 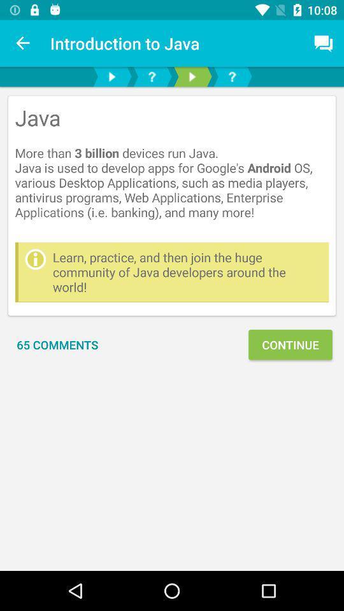 What do you see at coordinates (172, 168) in the screenshot?
I see `the java  more` at bounding box center [172, 168].